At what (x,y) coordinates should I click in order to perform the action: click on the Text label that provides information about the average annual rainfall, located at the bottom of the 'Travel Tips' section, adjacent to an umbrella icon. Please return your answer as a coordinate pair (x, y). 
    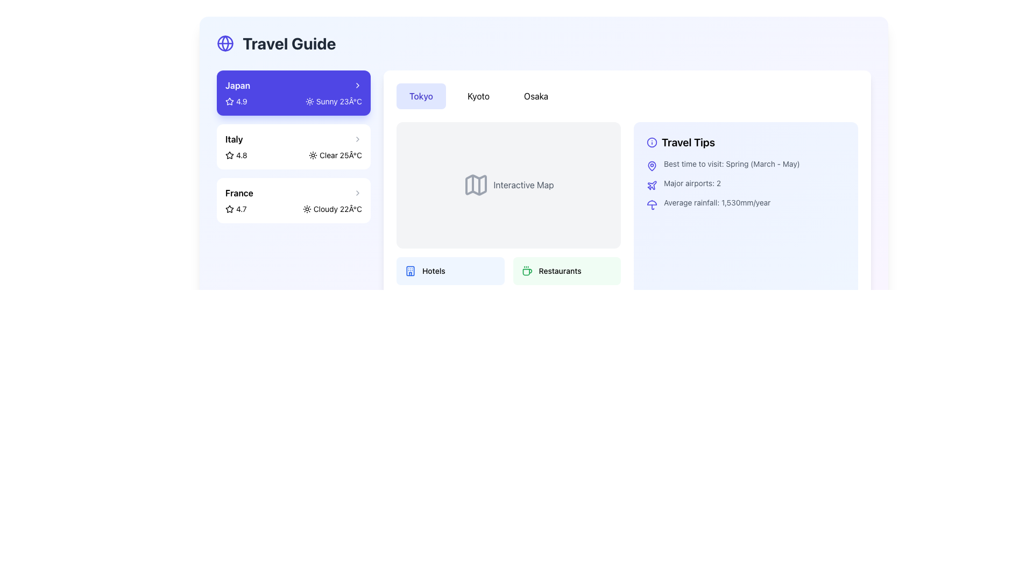
    Looking at the image, I should click on (717, 203).